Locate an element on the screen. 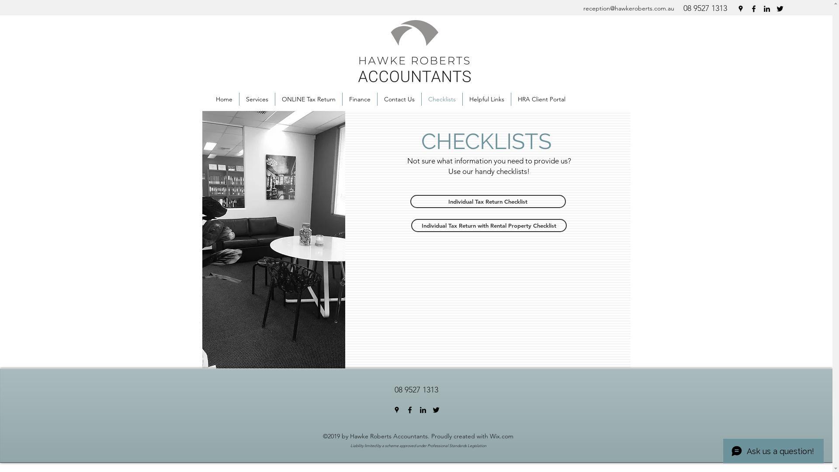  'Finance' is located at coordinates (360, 99).